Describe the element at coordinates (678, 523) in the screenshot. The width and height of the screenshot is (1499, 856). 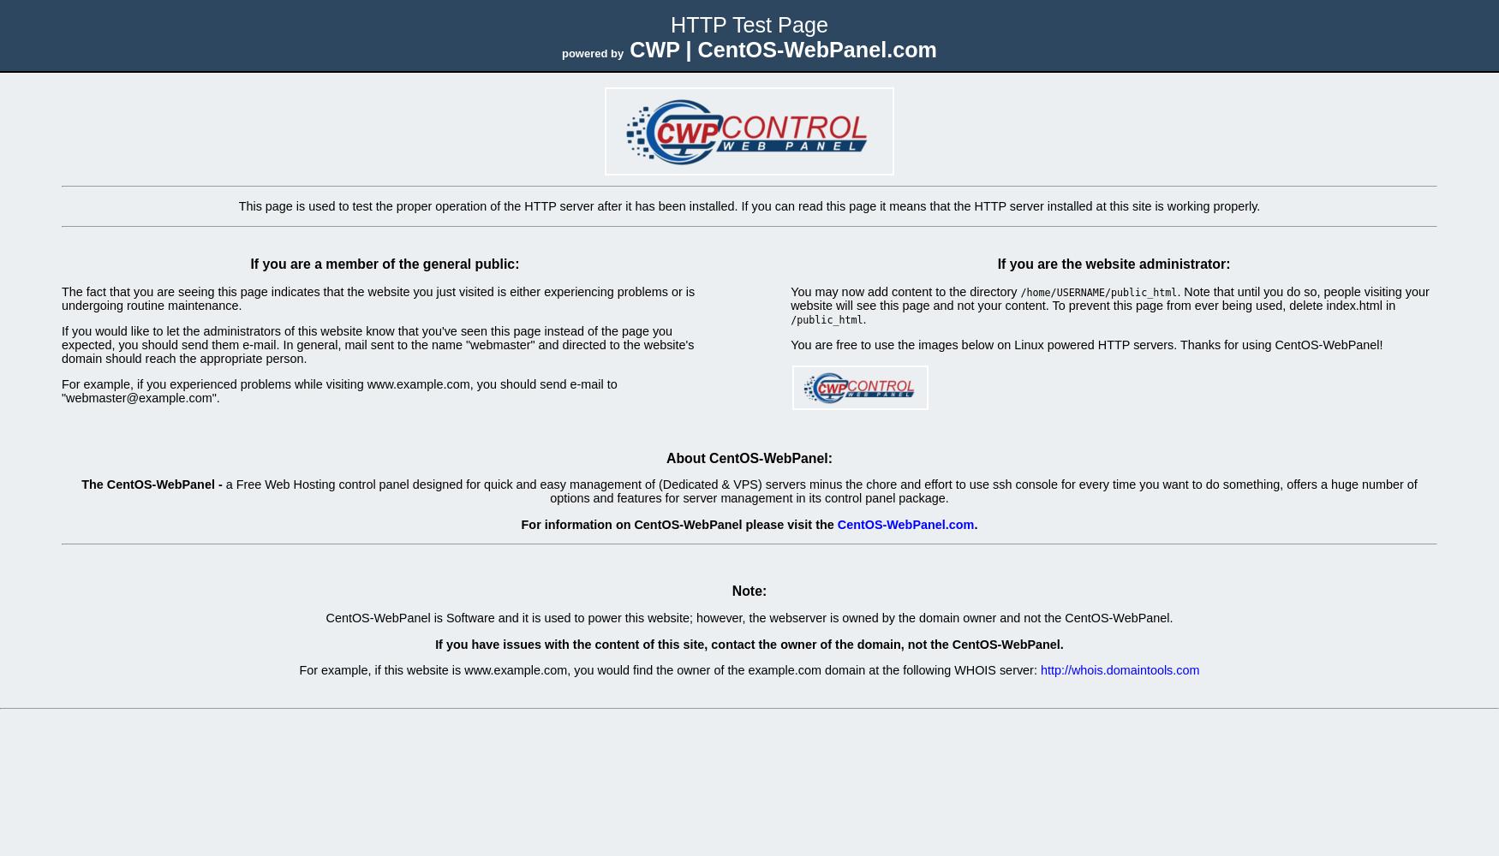
I see `'For information on CentOS-WebPanel please visit the'` at that location.